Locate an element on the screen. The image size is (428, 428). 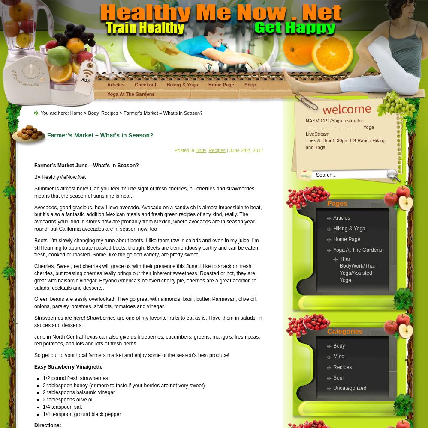
'Cherries, Sweet, red cherries will grace us with their presence this June. I like to snack on fresh cherries, but roasting cherries really brings out their inherent sweetness. Roasted or not, they are great with balsamic vinegar. Beyond America’s beloved cherry pie, cherries are a great addition to salads, cocktails and desserts.' is located at coordinates (145, 277).